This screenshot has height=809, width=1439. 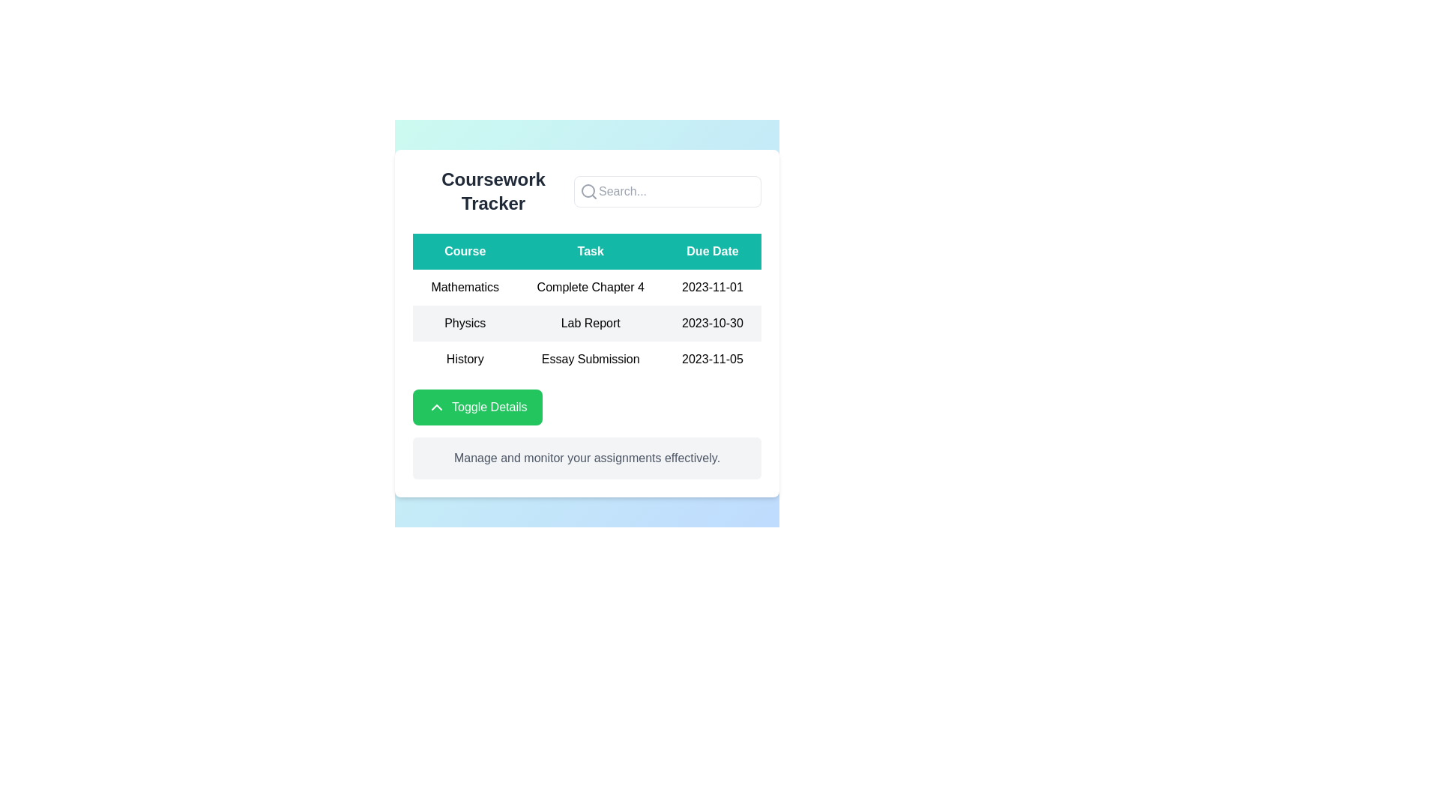 I want to click on text displayed in the first column of the first row in the 'Coursework Tracker' section, which is the title or name of a course, so click(x=464, y=288).